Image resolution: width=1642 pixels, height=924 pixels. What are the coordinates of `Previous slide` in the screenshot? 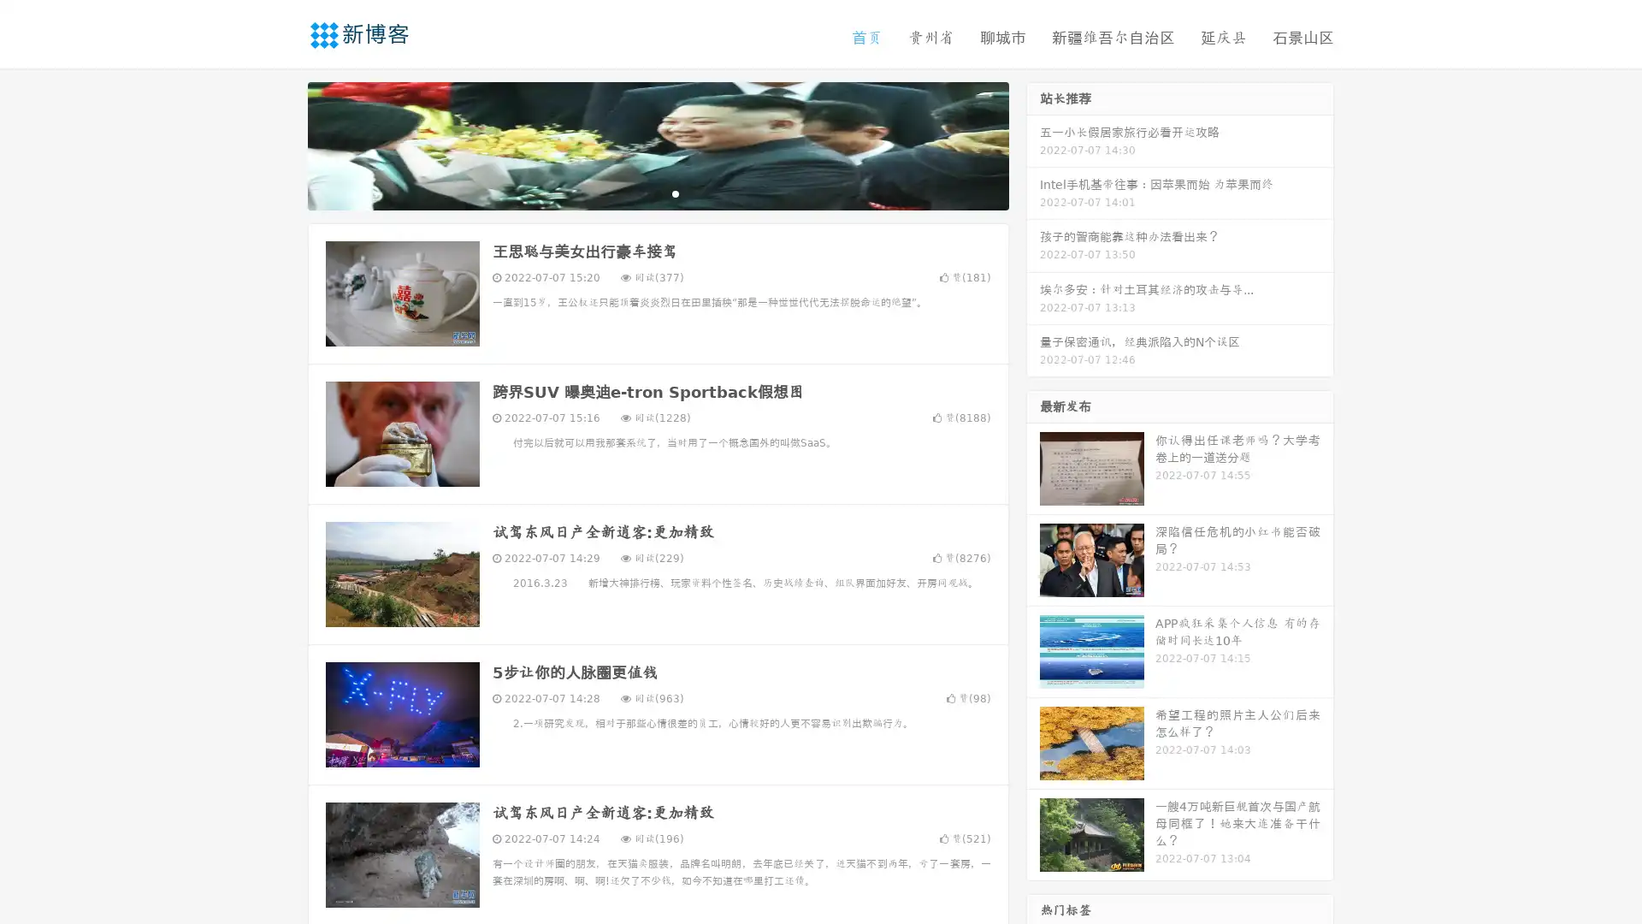 It's located at (282, 144).